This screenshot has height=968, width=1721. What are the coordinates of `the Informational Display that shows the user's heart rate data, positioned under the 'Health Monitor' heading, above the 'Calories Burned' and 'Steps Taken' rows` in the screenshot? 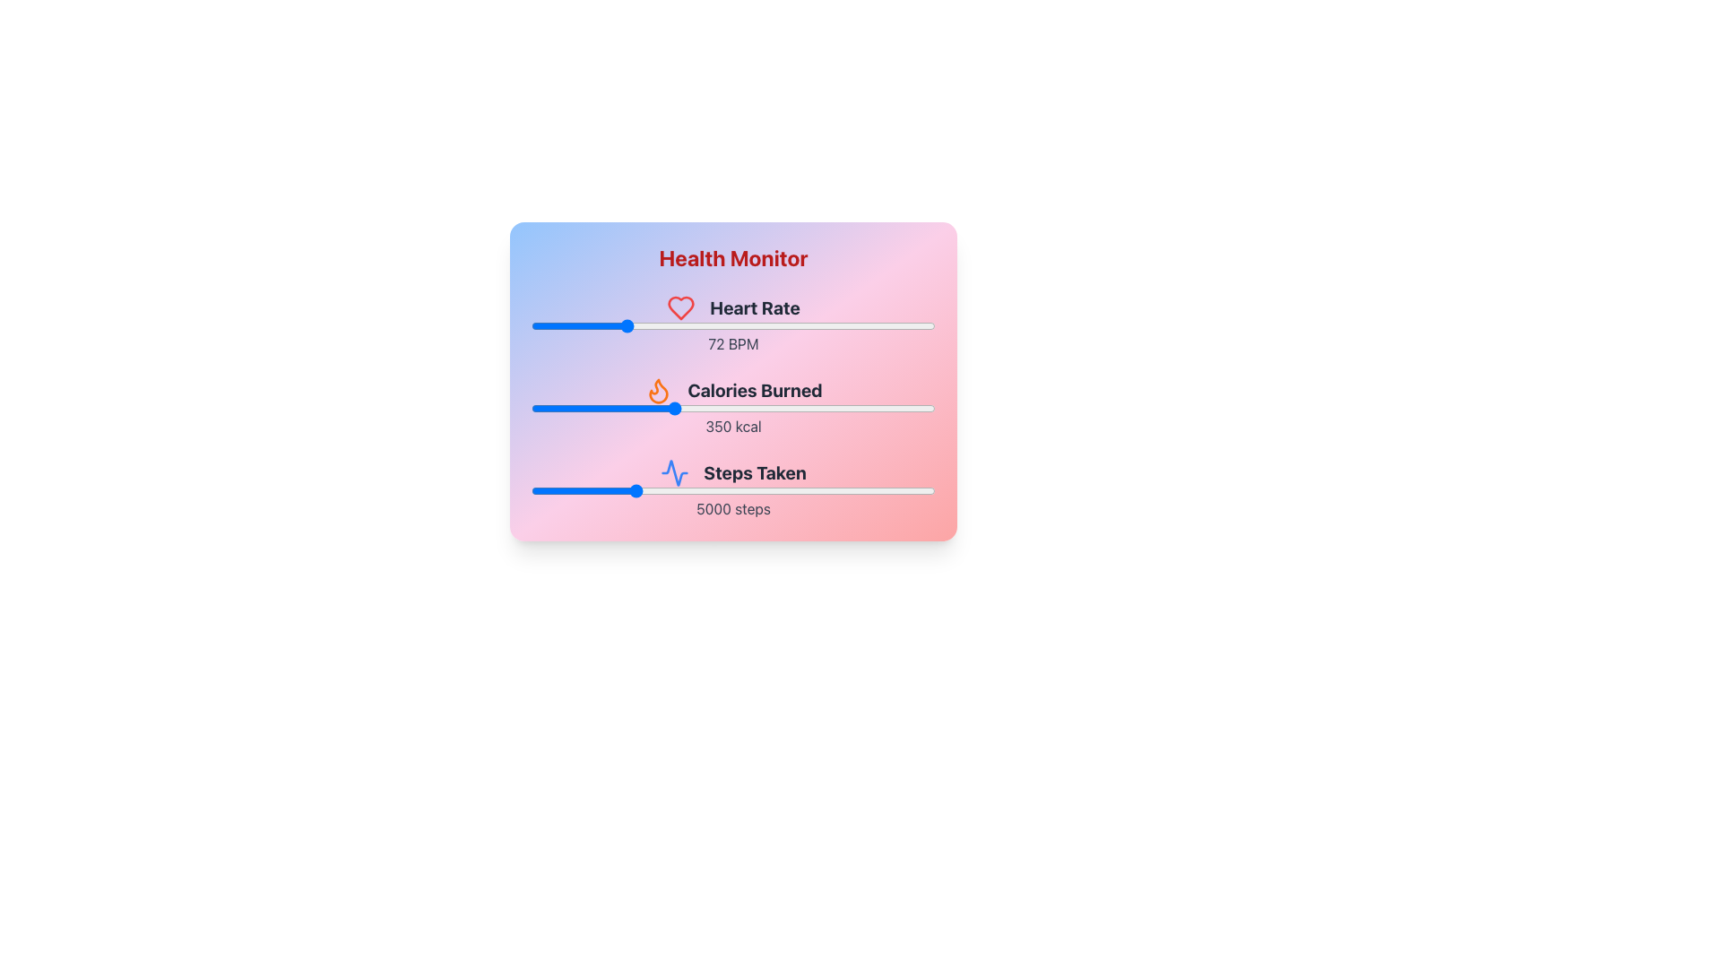 It's located at (733, 324).